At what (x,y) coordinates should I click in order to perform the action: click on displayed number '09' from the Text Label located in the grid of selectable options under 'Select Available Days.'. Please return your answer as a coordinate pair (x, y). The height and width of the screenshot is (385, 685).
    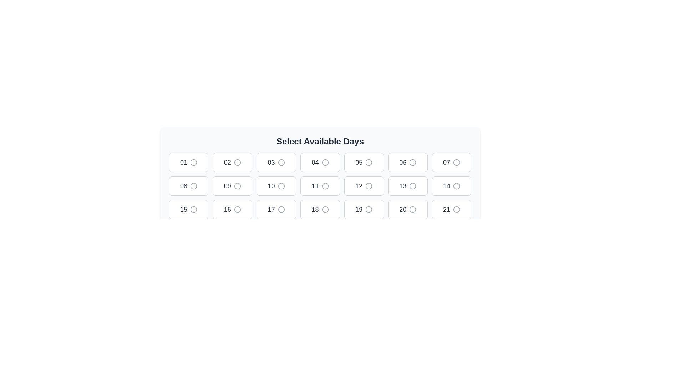
    Looking at the image, I should click on (227, 185).